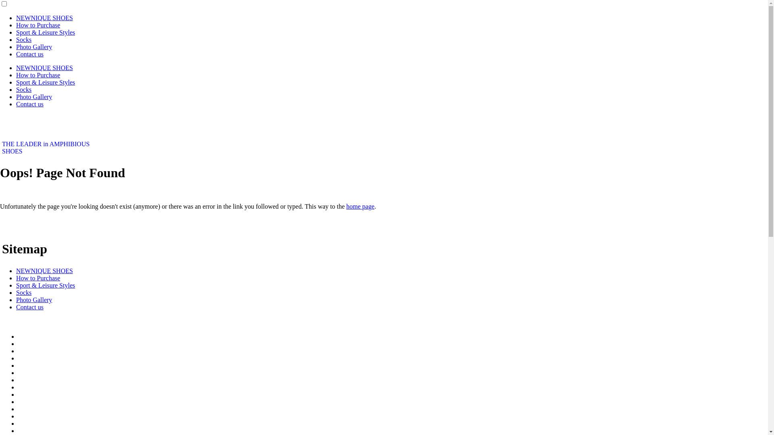 This screenshot has height=435, width=774. Describe the element at coordinates (33, 47) in the screenshot. I see `'Photo Gallery'` at that location.